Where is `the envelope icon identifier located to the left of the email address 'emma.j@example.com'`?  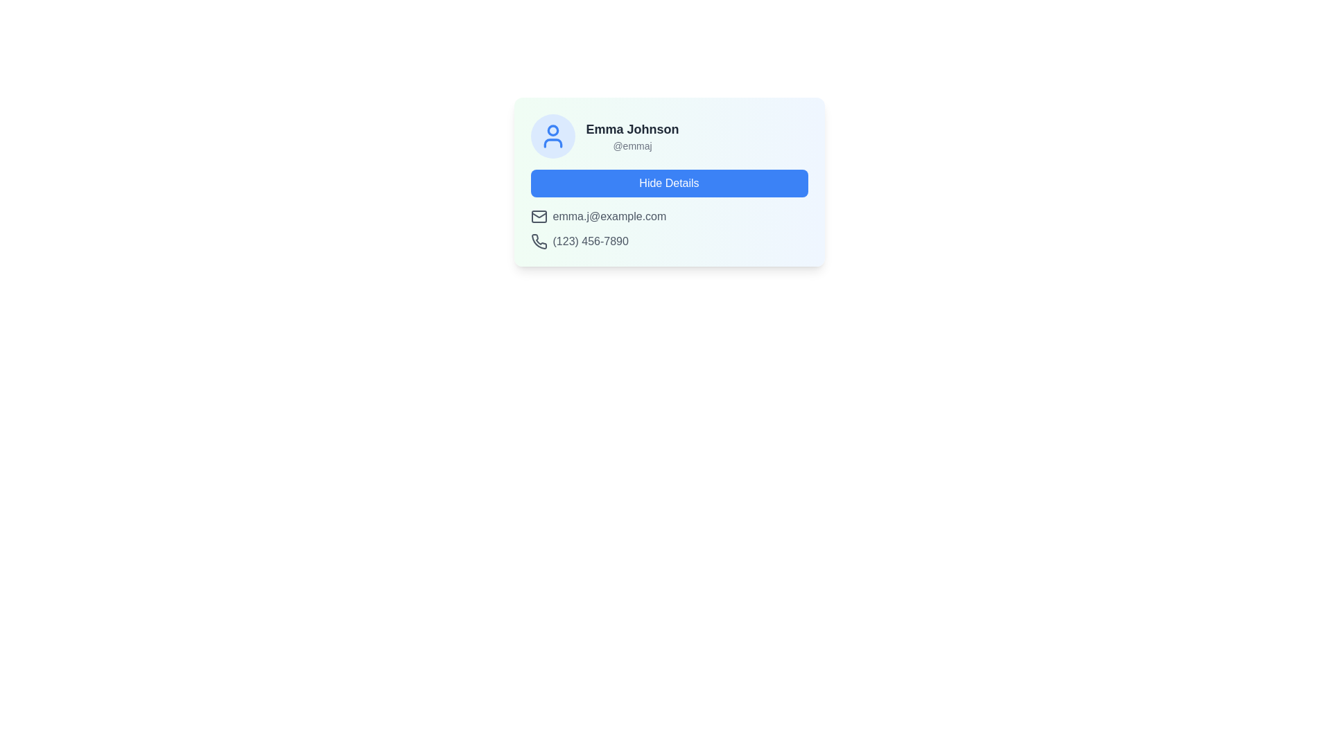 the envelope icon identifier located to the left of the email address 'emma.j@example.com' is located at coordinates (538, 216).